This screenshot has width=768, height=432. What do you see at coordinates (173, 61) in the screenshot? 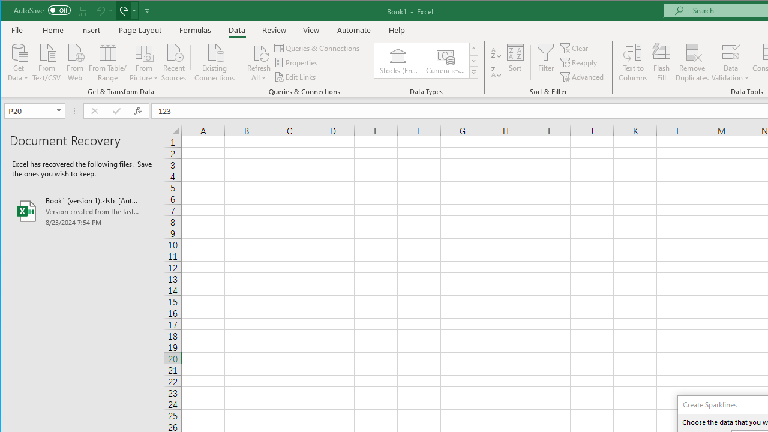
I see `'Recent Sources'` at bounding box center [173, 61].